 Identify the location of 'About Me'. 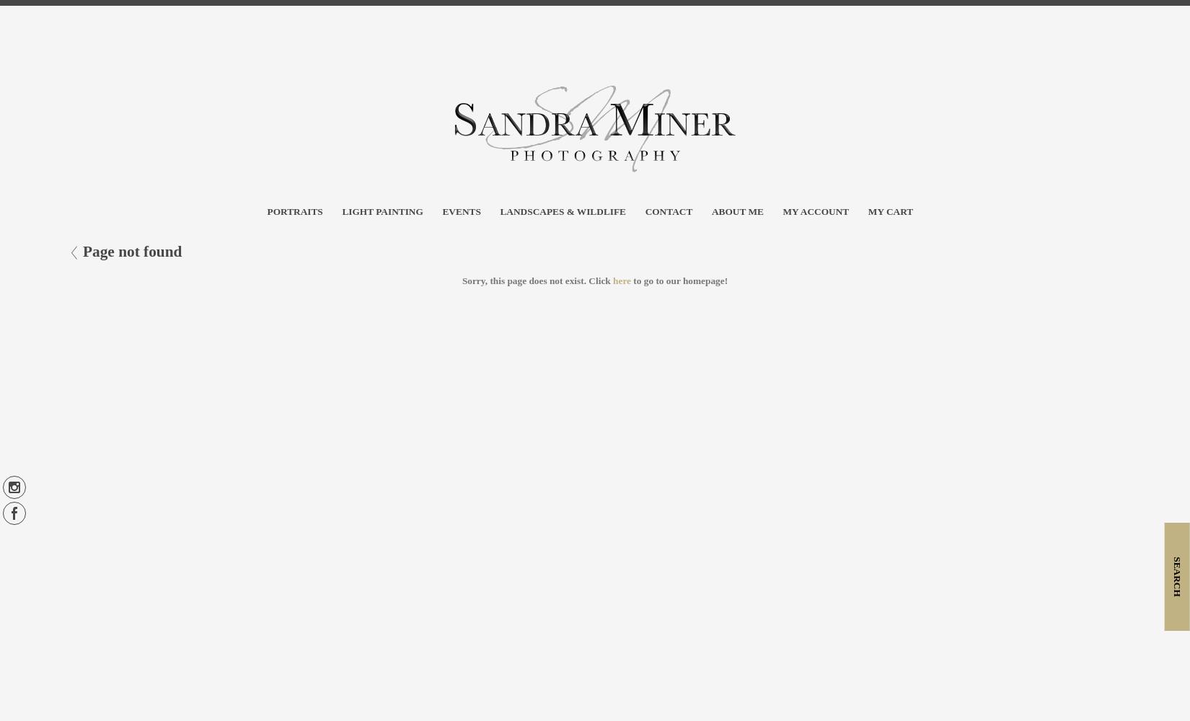
(737, 211).